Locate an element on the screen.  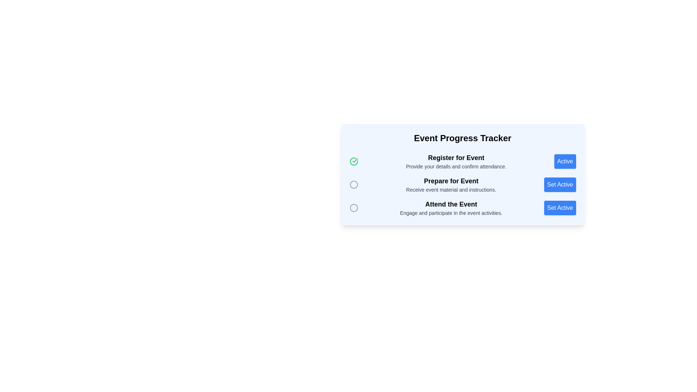
the second circular status indicator in the progress tracker for the 'Prepare for Event' step is located at coordinates (354, 184).